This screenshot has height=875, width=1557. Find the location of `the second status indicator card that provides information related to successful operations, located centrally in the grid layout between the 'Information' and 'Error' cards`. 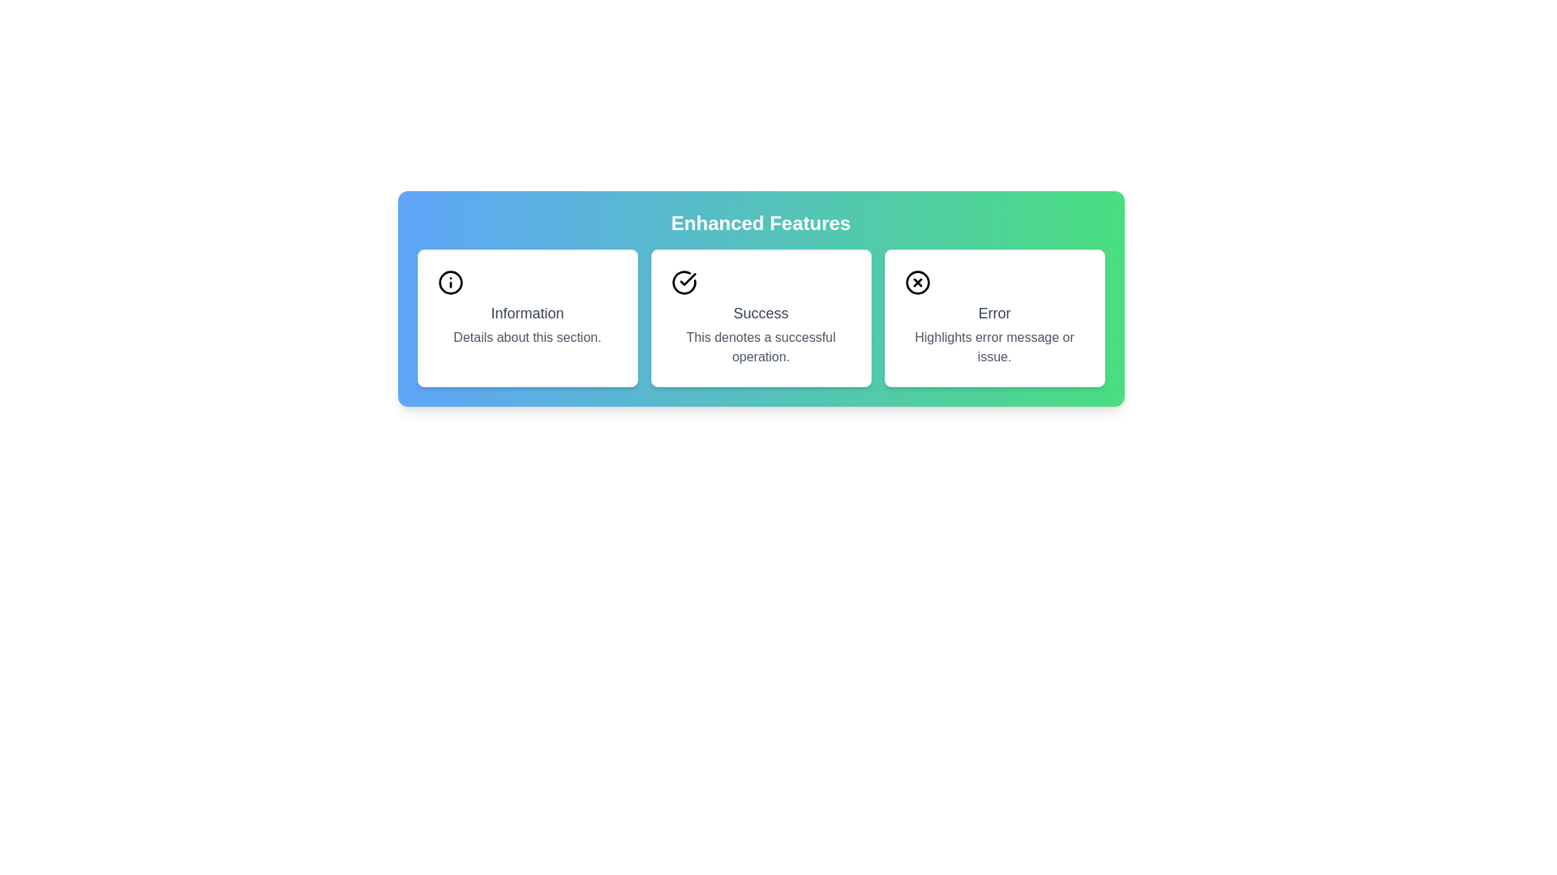

the second status indicator card that provides information related to successful operations, located centrally in the grid layout between the 'Information' and 'Error' cards is located at coordinates (760, 299).